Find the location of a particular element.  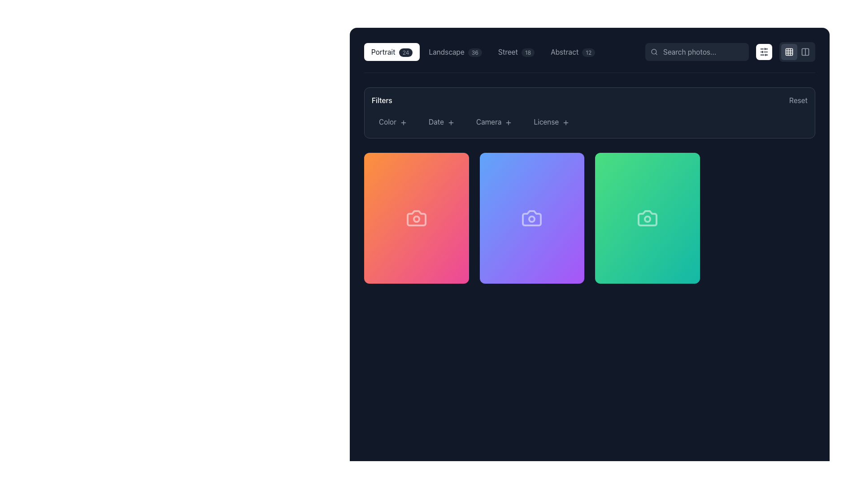

the square-shaped button with a white background and rounded corners, featuring a dark gray icon of horizontal sliders, located in the top-right corner of the interface adjacent to the search bar is located at coordinates (764, 52).